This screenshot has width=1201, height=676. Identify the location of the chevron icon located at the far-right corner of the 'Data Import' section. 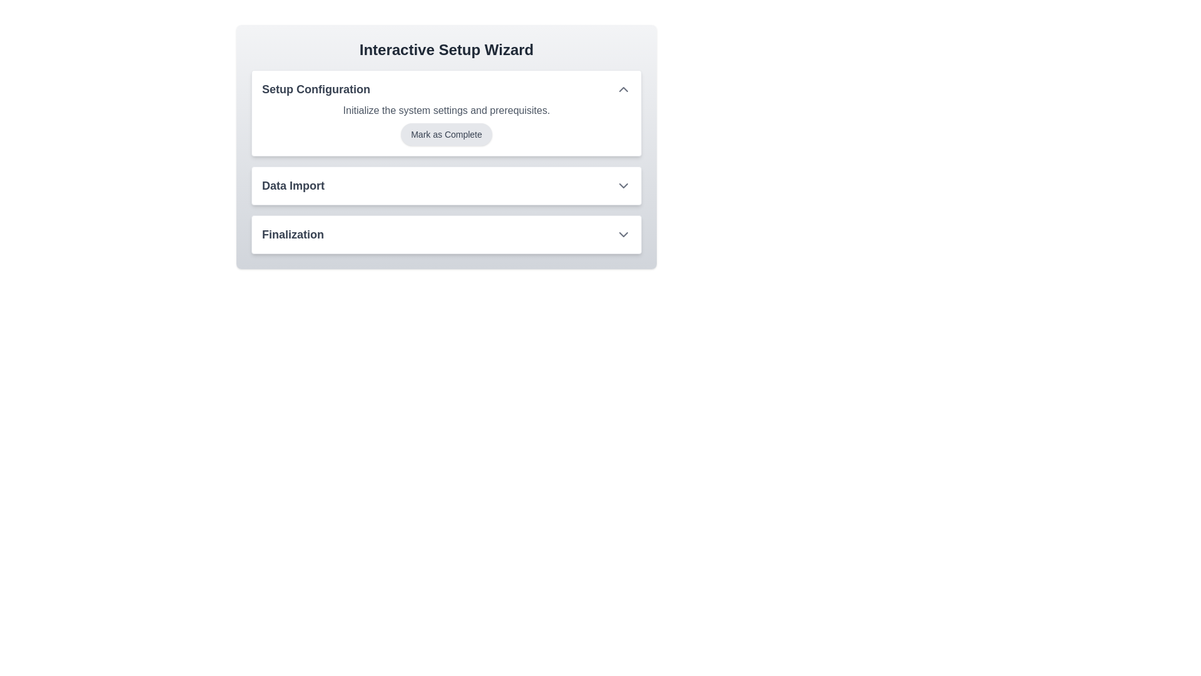
(624, 186).